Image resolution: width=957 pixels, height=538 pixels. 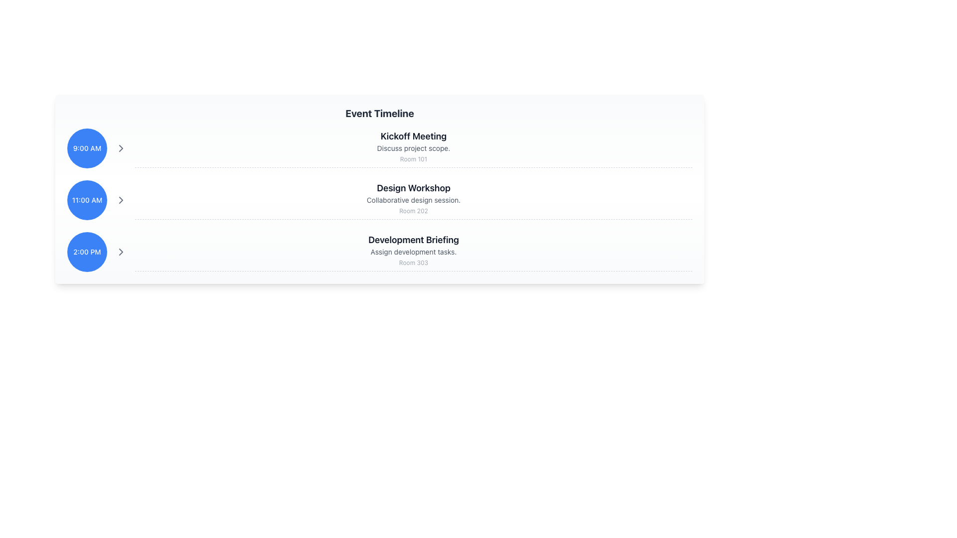 I want to click on the label displaying '9:00 AM', which is styled with a small font and is positioned within a blue circular background, located in the upper-left segment of the schedule display, so click(x=87, y=148).